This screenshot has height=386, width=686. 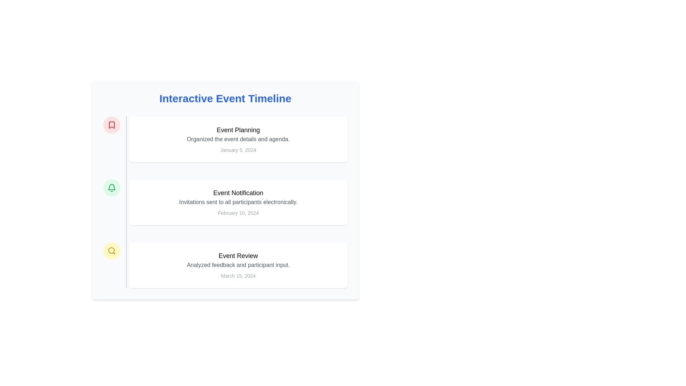 What do you see at coordinates (238, 139) in the screenshot?
I see `text label containing 'Organized the event details and agenda.' located below the title 'Event Planning' within the timeline component` at bounding box center [238, 139].